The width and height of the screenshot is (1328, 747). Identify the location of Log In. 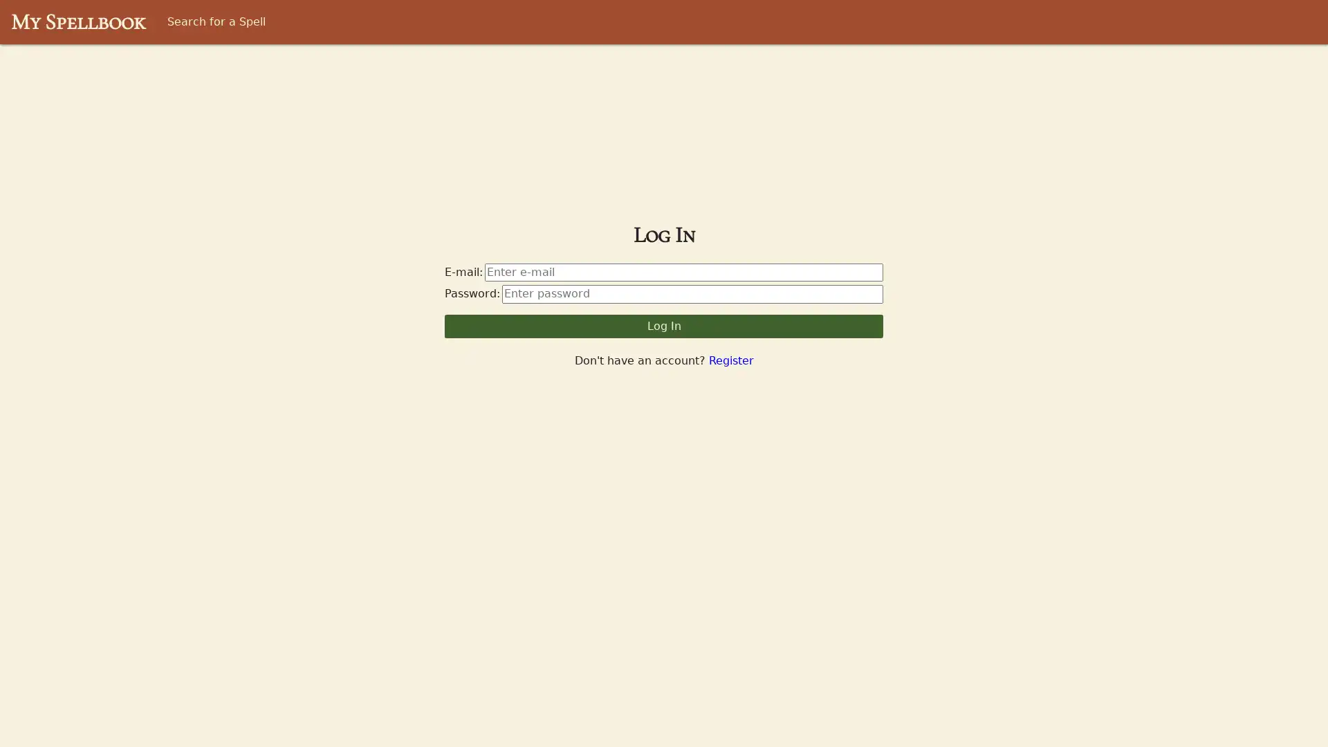
(663, 326).